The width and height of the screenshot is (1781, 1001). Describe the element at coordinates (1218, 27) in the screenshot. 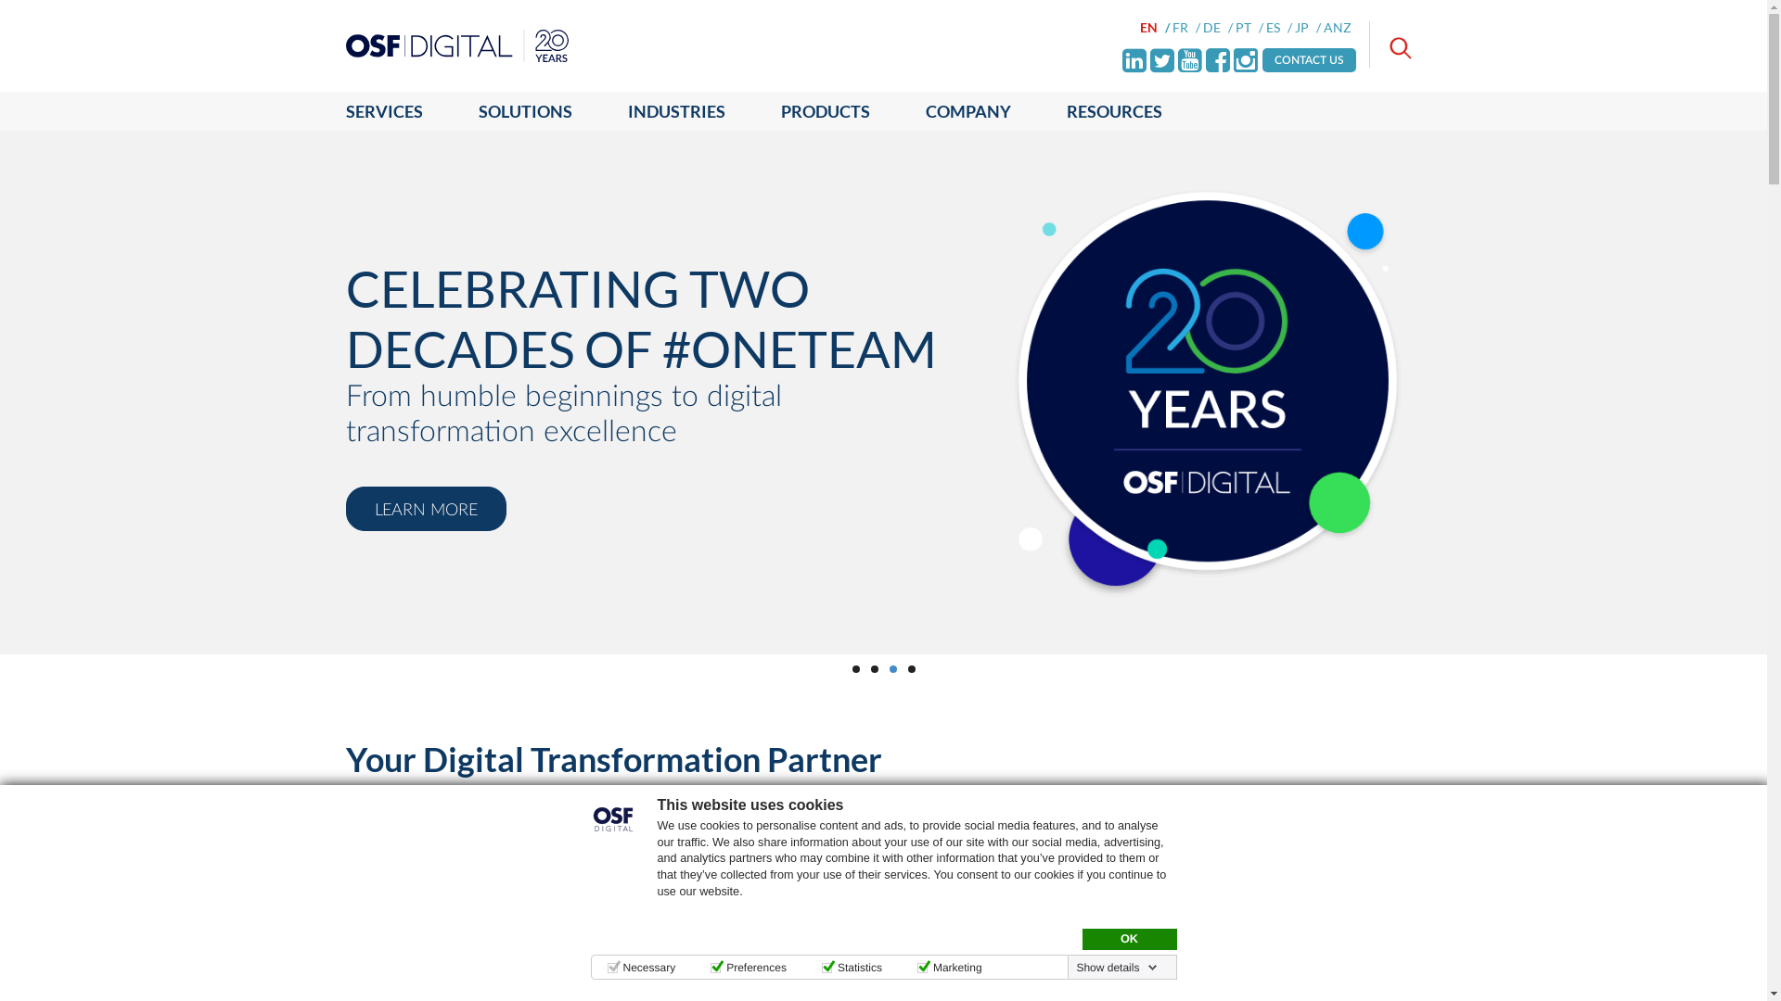

I see `'DE'` at that location.